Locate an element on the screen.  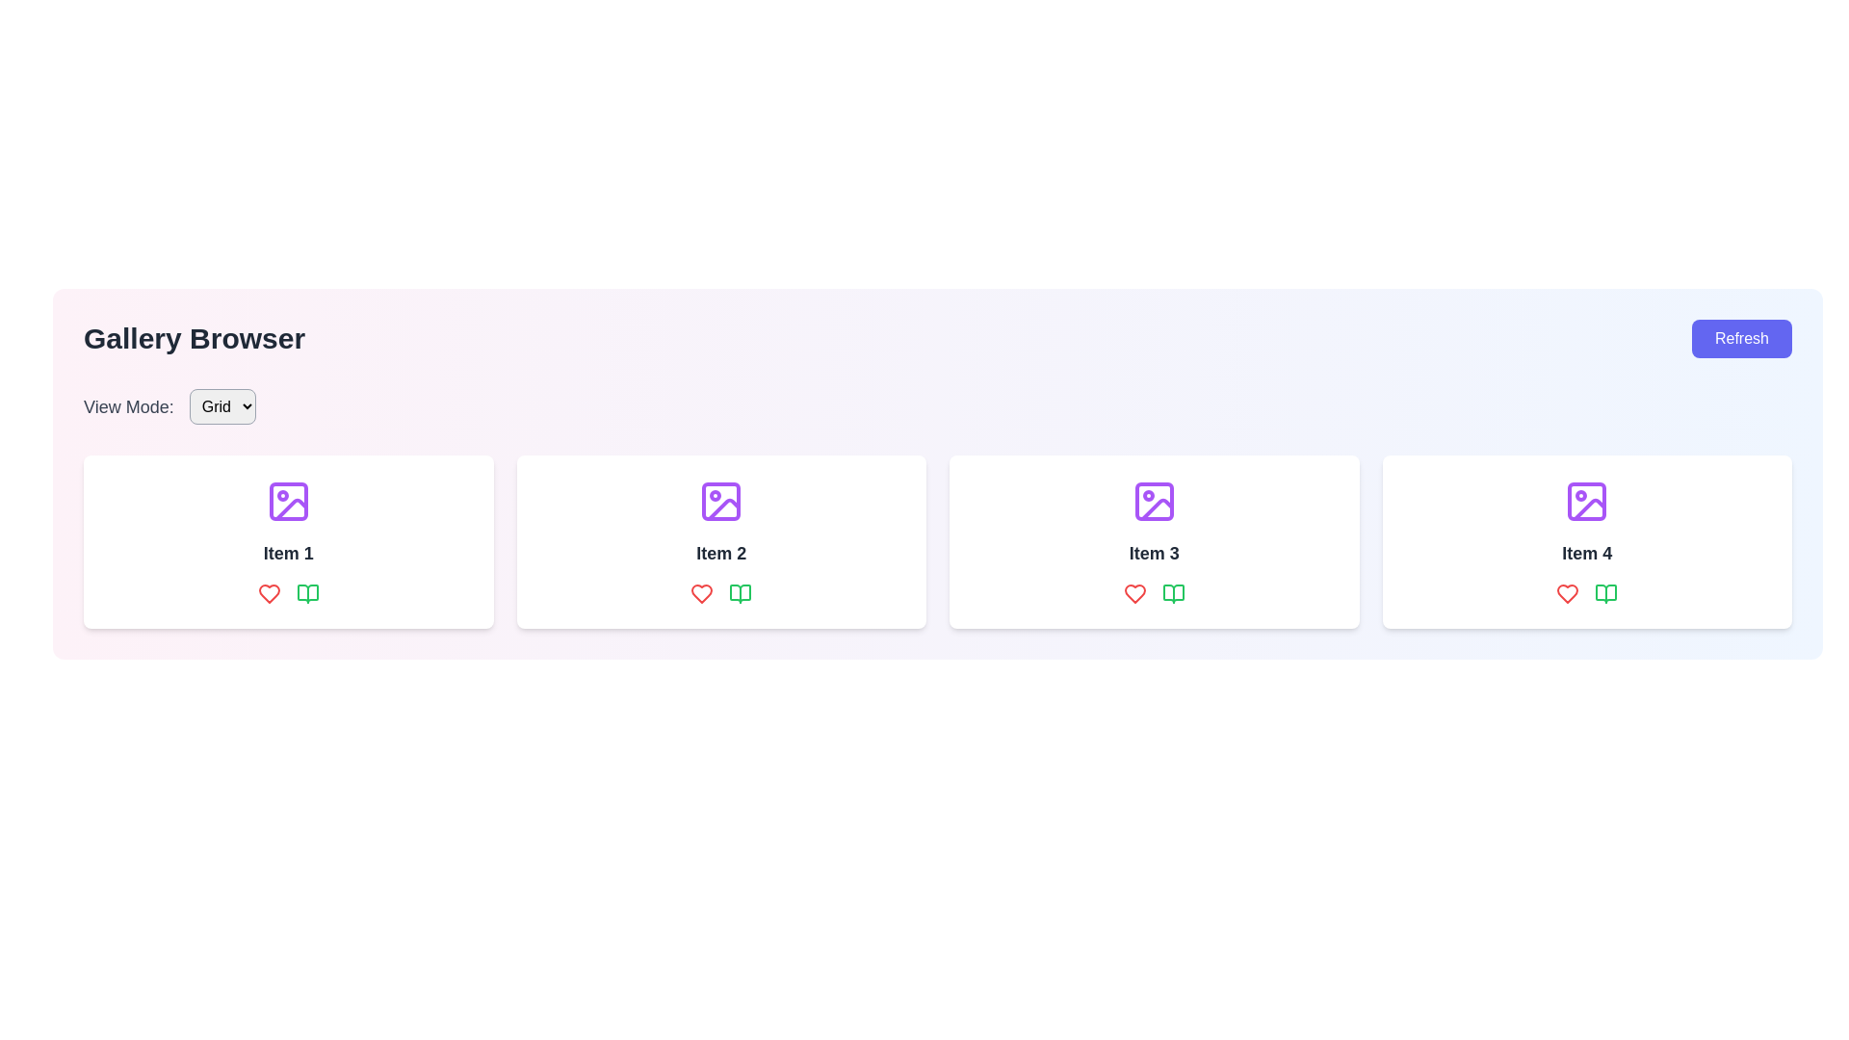
the purple Decorative icon resembling an image frame with a mountain and sun outline, which is positioned above the text 'Item 1' in the first card is located at coordinates (287, 500).